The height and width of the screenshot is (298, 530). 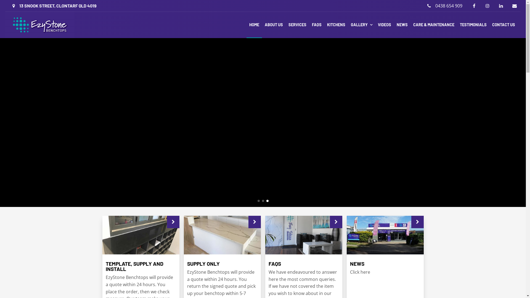 I want to click on 'NEWS', so click(x=402, y=25).